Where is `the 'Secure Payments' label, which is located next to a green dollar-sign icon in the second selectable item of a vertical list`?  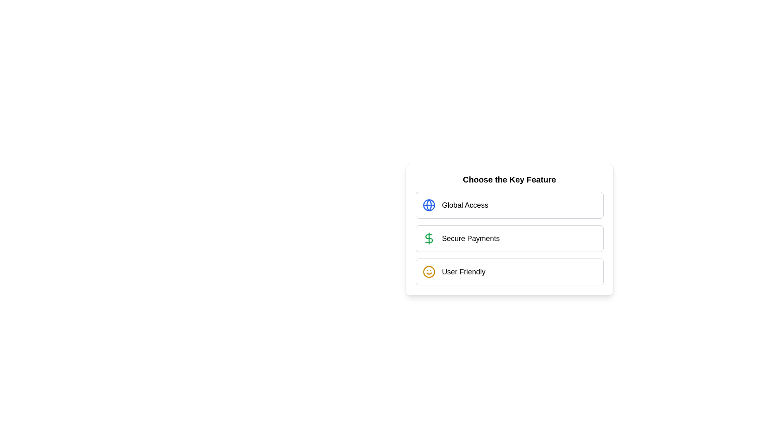 the 'Secure Payments' label, which is located next to a green dollar-sign icon in the second selectable item of a vertical list is located at coordinates (471, 238).